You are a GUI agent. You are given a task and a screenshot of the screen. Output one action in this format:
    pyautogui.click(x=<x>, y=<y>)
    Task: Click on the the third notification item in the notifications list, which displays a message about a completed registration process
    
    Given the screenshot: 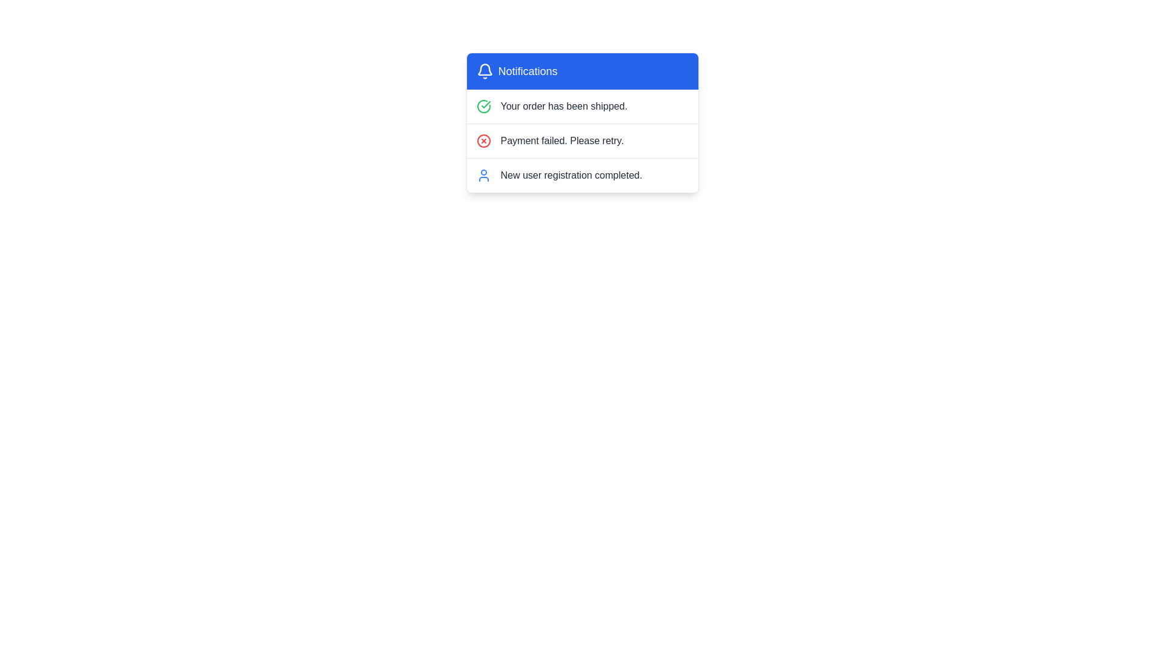 What is the action you would take?
    pyautogui.click(x=571, y=175)
    